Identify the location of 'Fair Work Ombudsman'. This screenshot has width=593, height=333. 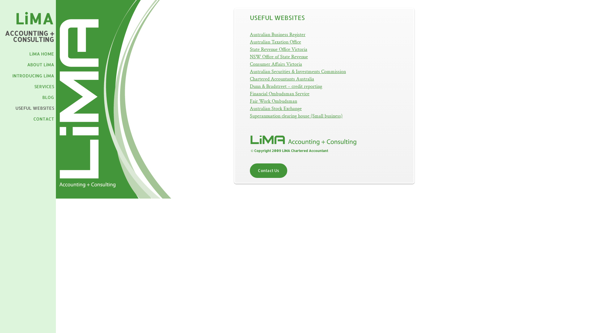
(273, 101).